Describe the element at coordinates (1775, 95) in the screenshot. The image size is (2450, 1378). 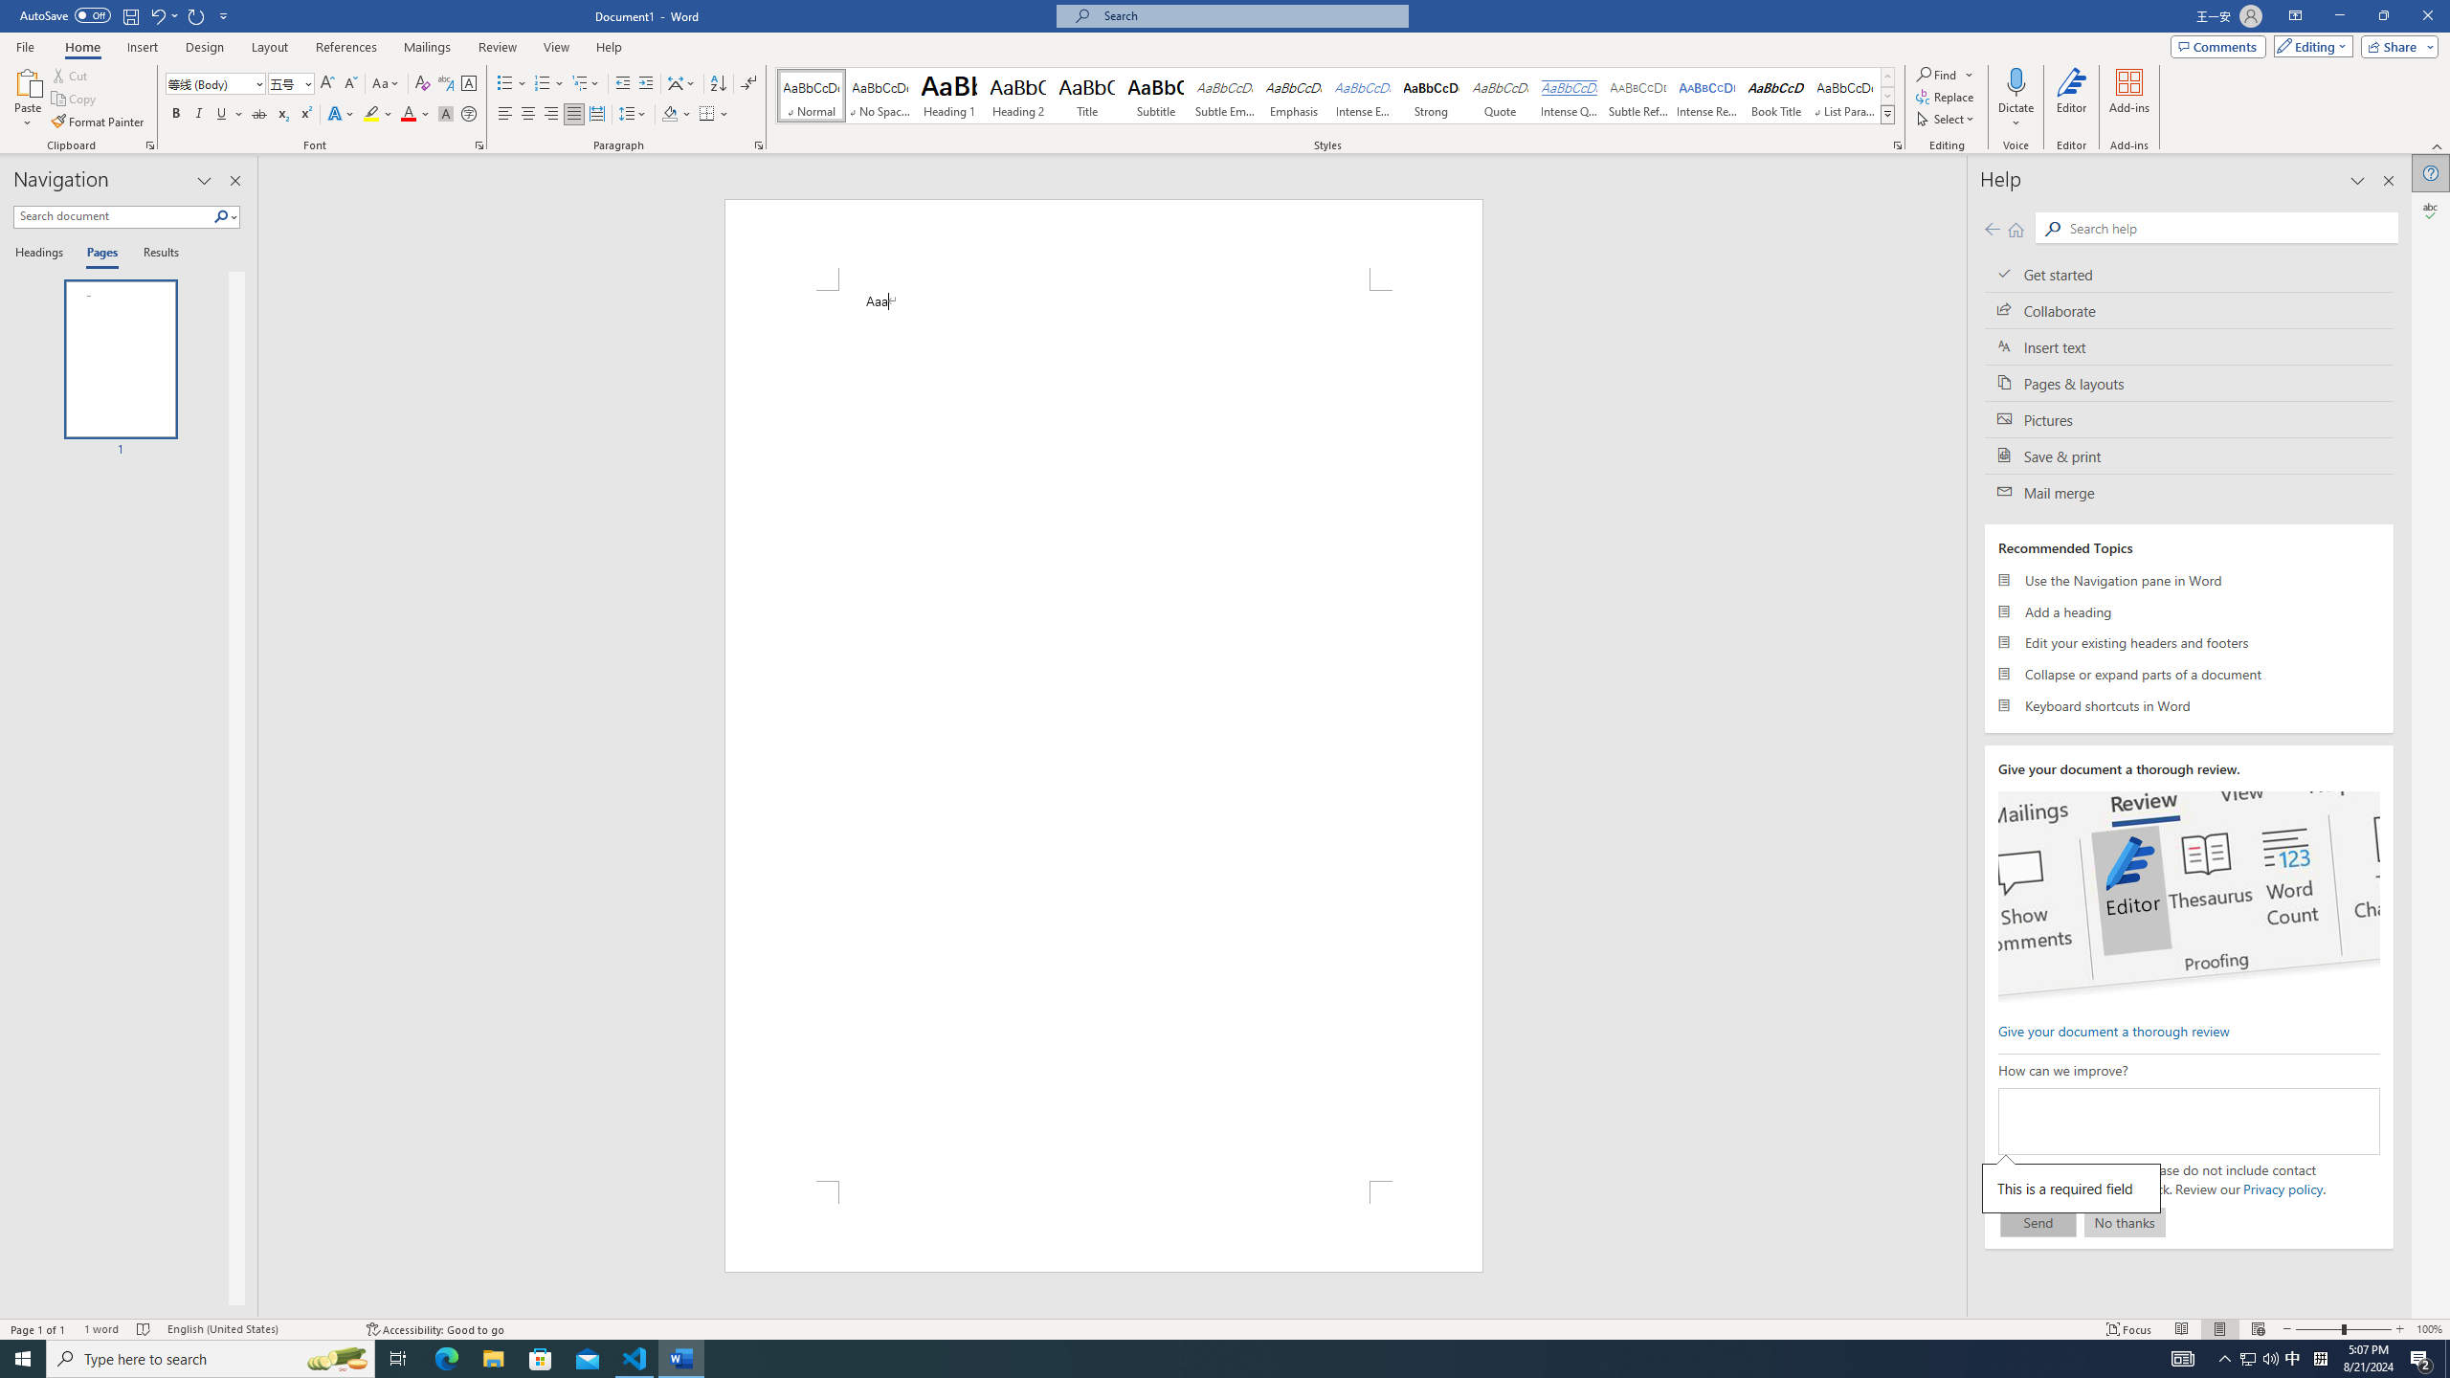
I see `'Book Title'` at that location.